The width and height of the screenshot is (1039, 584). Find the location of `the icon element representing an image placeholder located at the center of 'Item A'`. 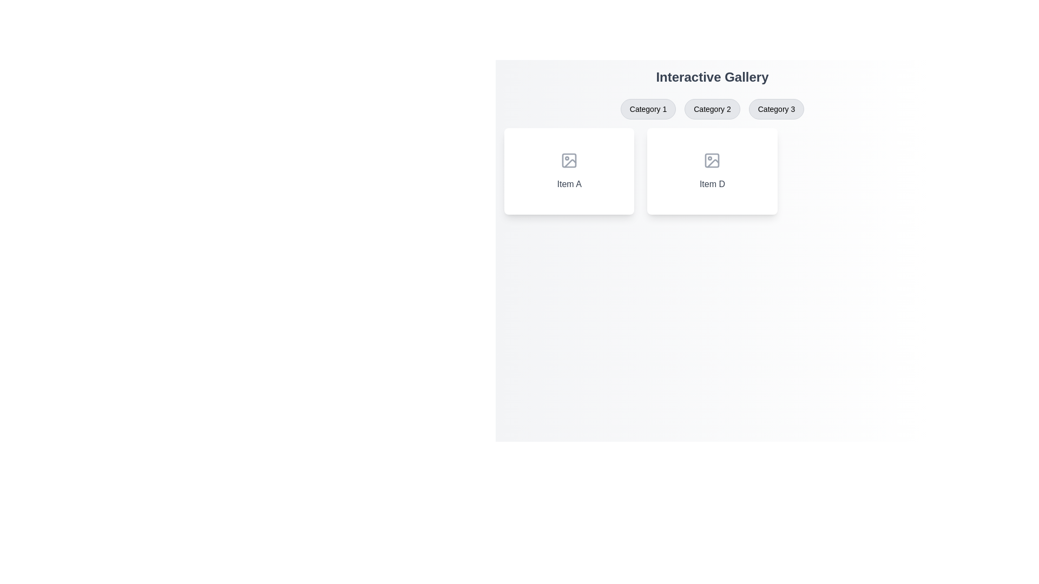

the icon element representing an image placeholder located at the center of 'Item A' is located at coordinates (569, 161).